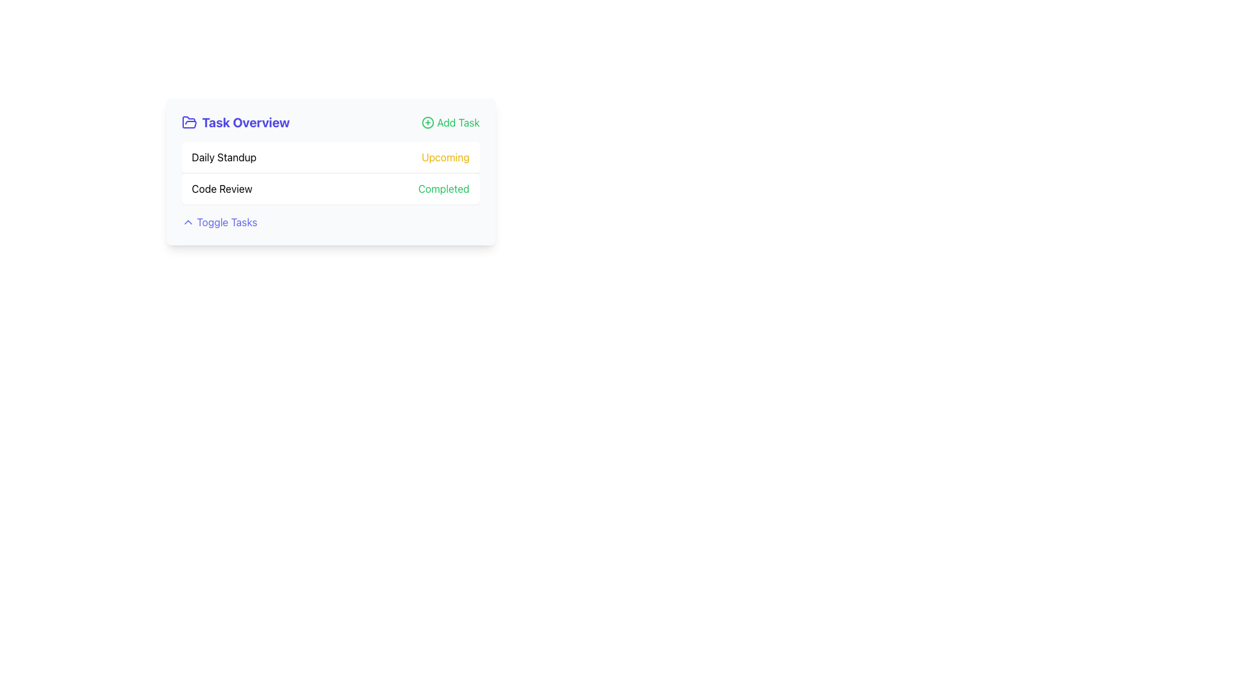 The image size is (1234, 694). What do you see at coordinates (224, 157) in the screenshot?
I see `the 'Daily Standup' label, which displays in bold black font within a white rectangular area, indicating an upcoming event in the task list` at bounding box center [224, 157].